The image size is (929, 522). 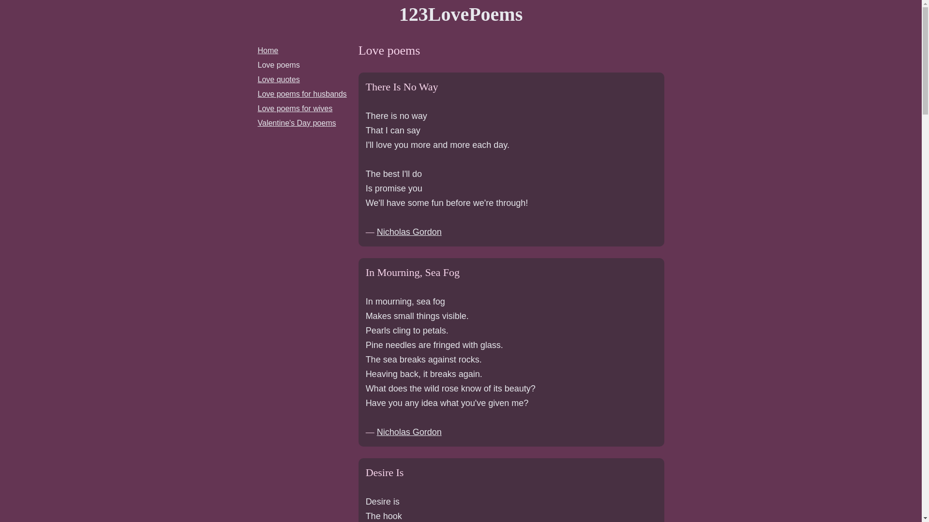 What do you see at coordinates (257, 65) in the screenshot?
I see `'Love poems'` at bounding box center [257, 65].